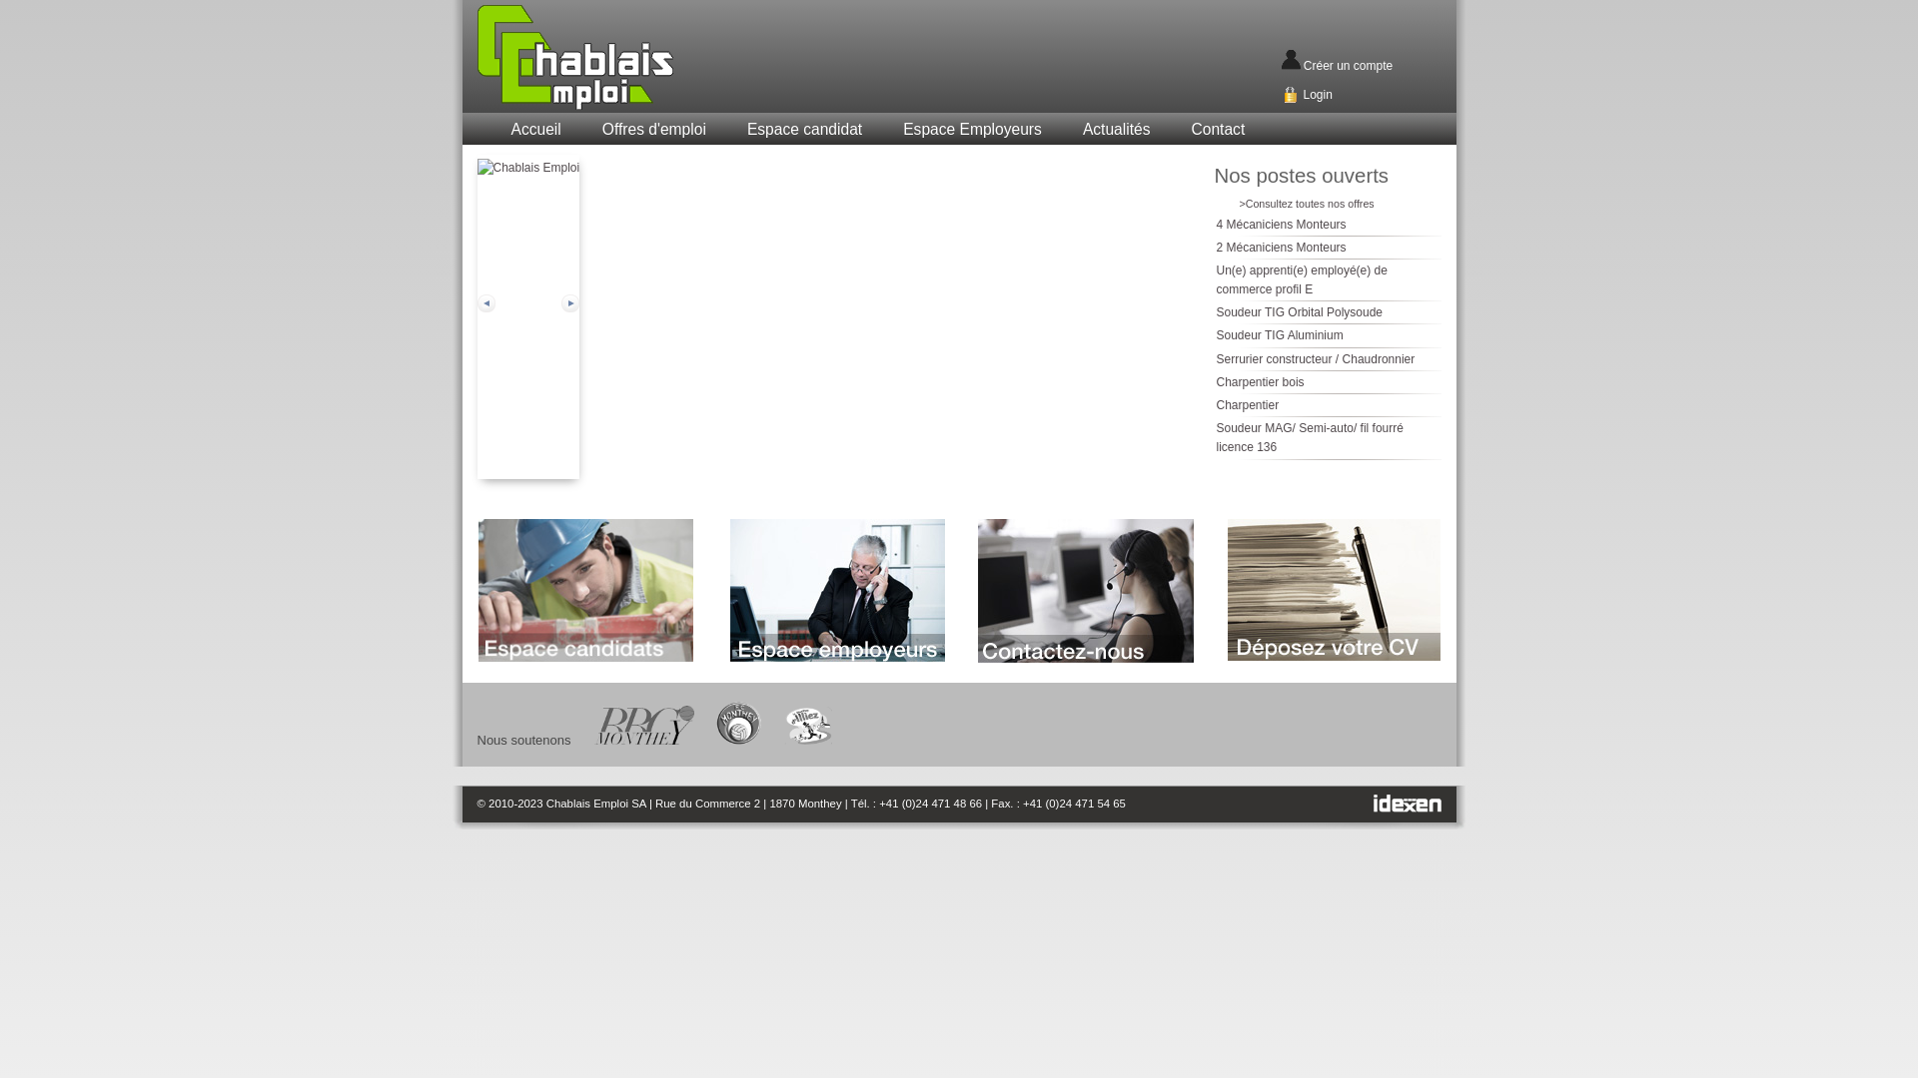  Describe the element at coordinates (535, 130) in the screenshot. I see `'Accueil'` at that location.